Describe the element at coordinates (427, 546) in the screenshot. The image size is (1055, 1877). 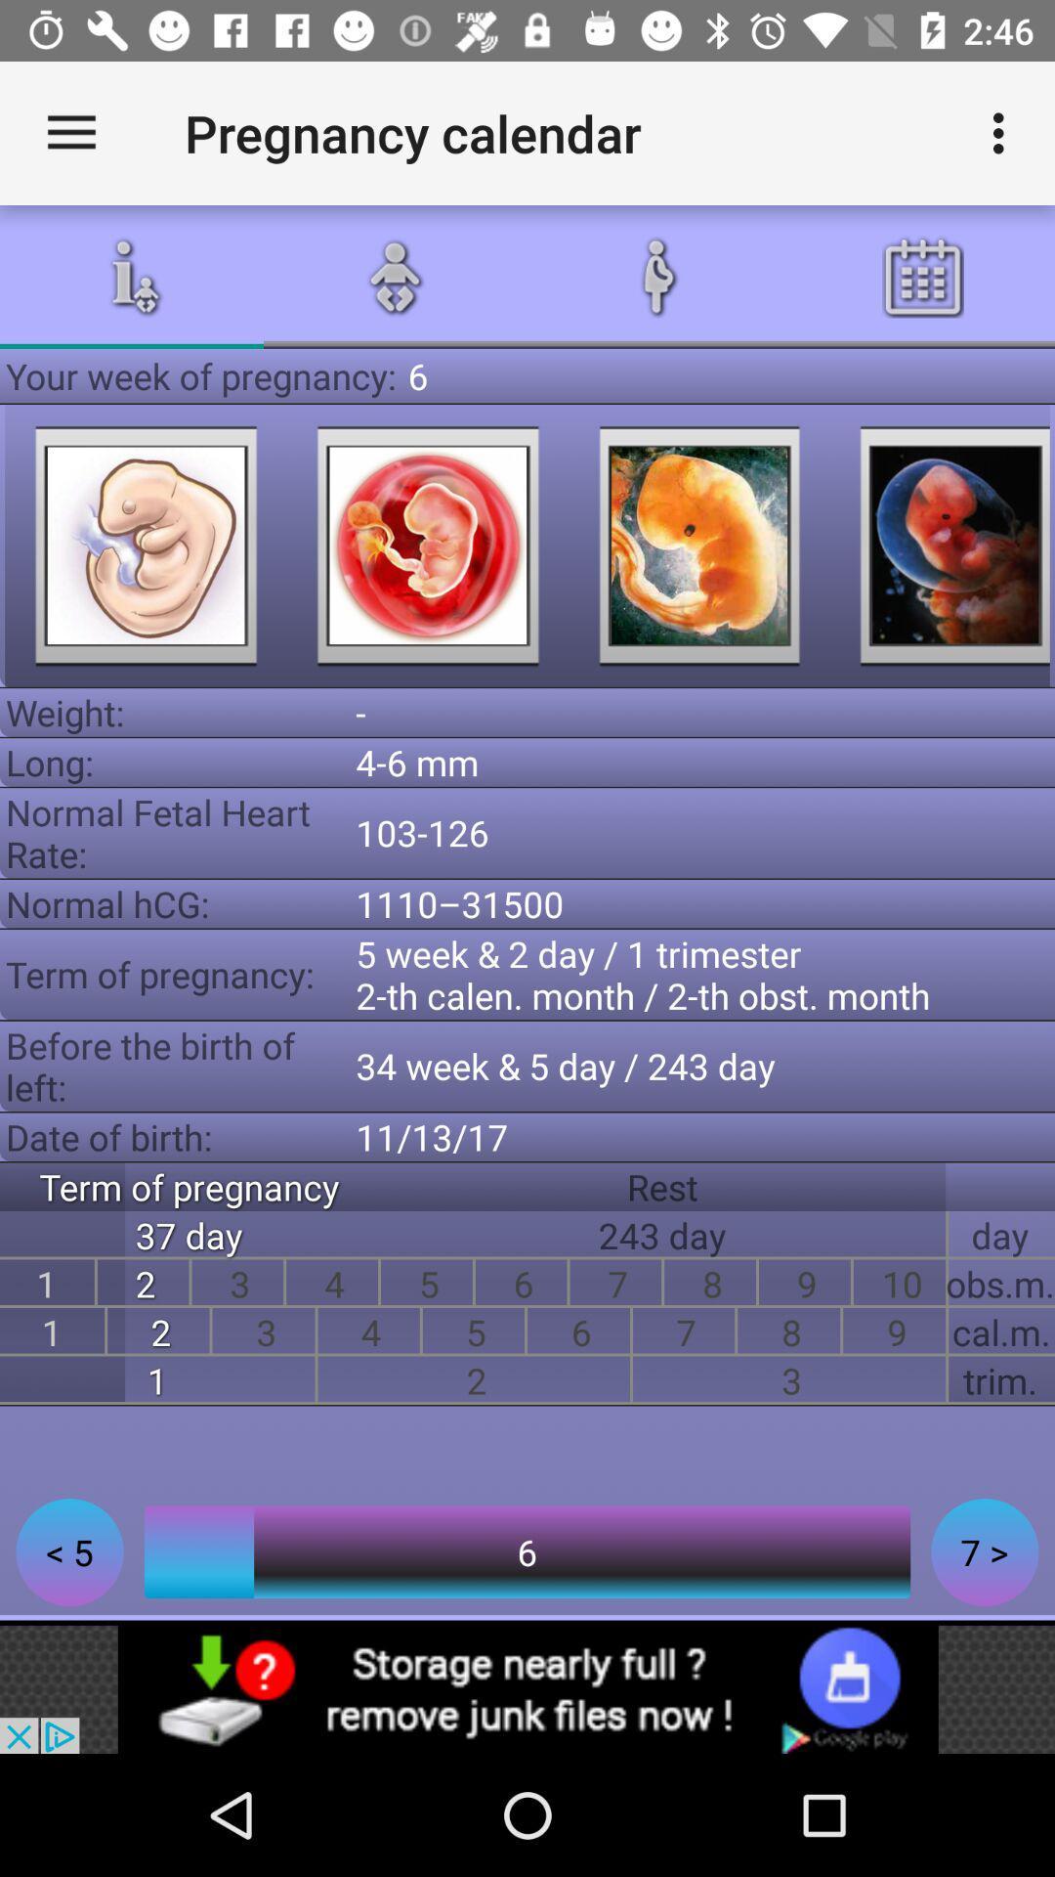
I see `fetus scan image` at that location.